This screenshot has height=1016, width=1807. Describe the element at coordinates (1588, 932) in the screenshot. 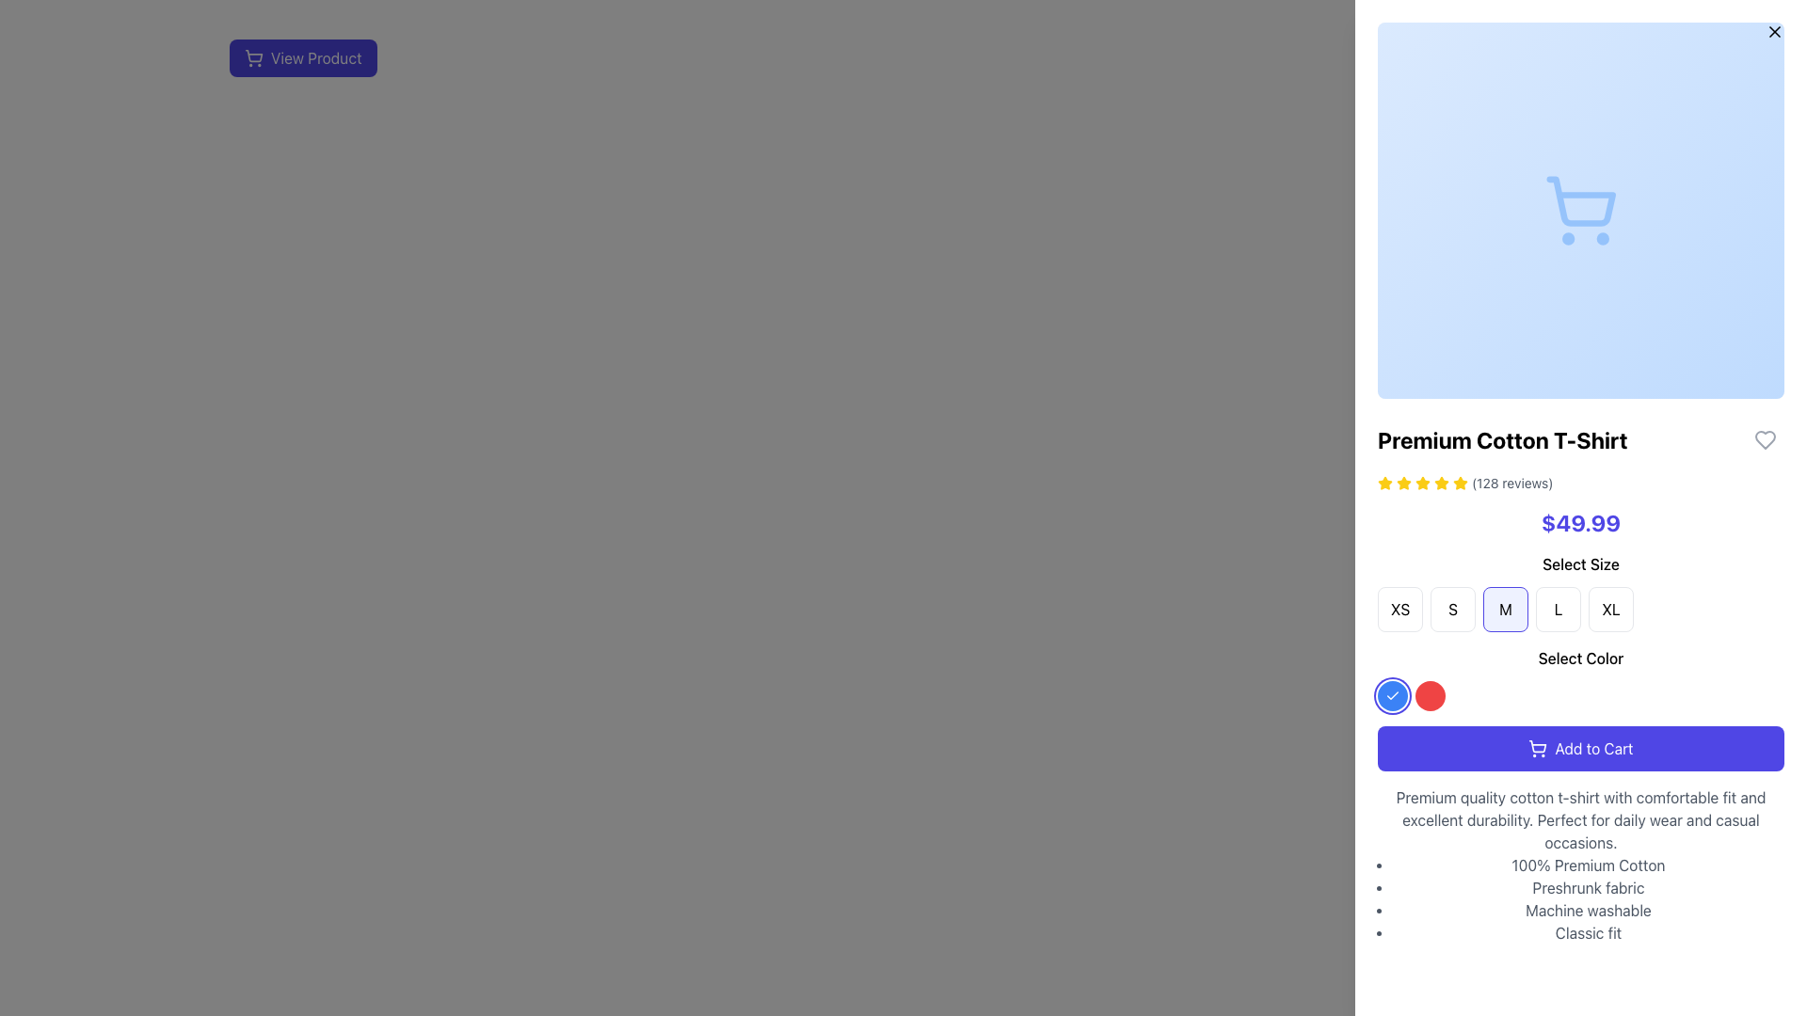

I see `the fourth bullet-point item in the product details section that states 'Classic fit.'` at that location.